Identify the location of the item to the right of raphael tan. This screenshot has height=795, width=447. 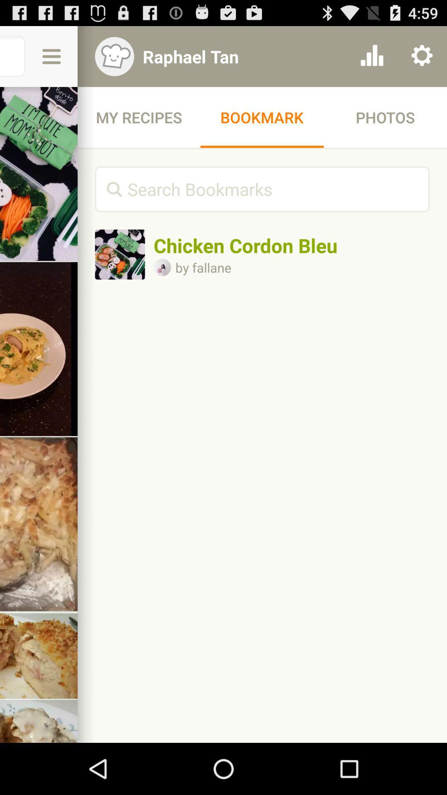
(371, 56).